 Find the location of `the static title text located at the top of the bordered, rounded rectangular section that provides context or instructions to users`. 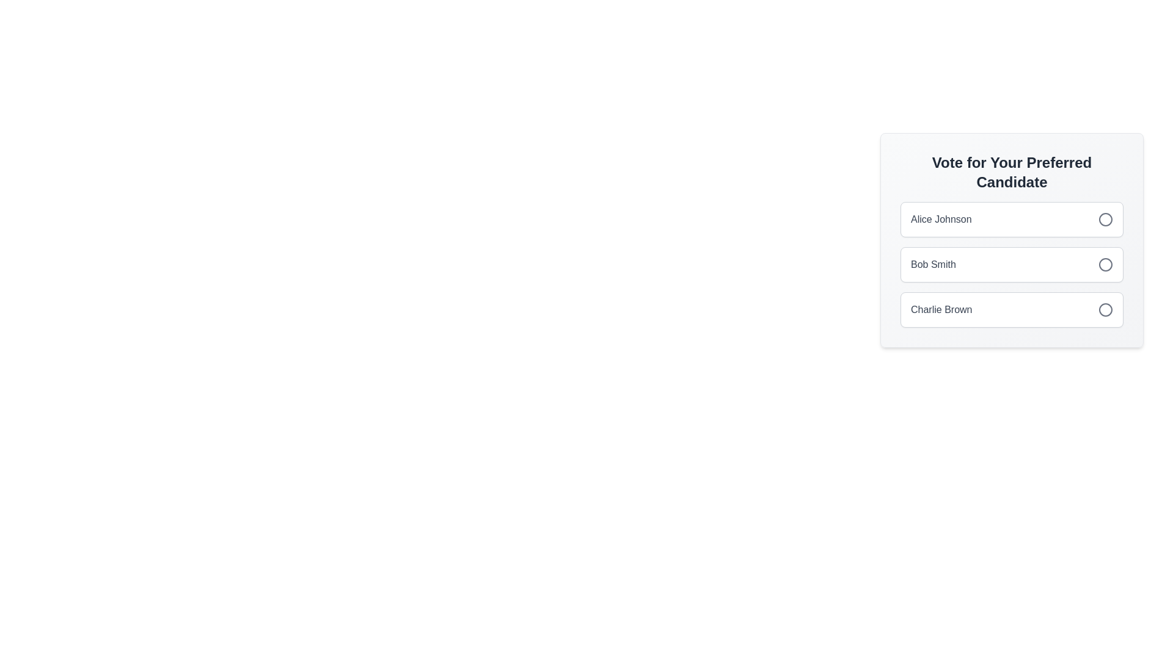

the static title text located at the top of the bordered, rounded rectangular section that provides context or instructions to users is located at coordinates (1012, 172).